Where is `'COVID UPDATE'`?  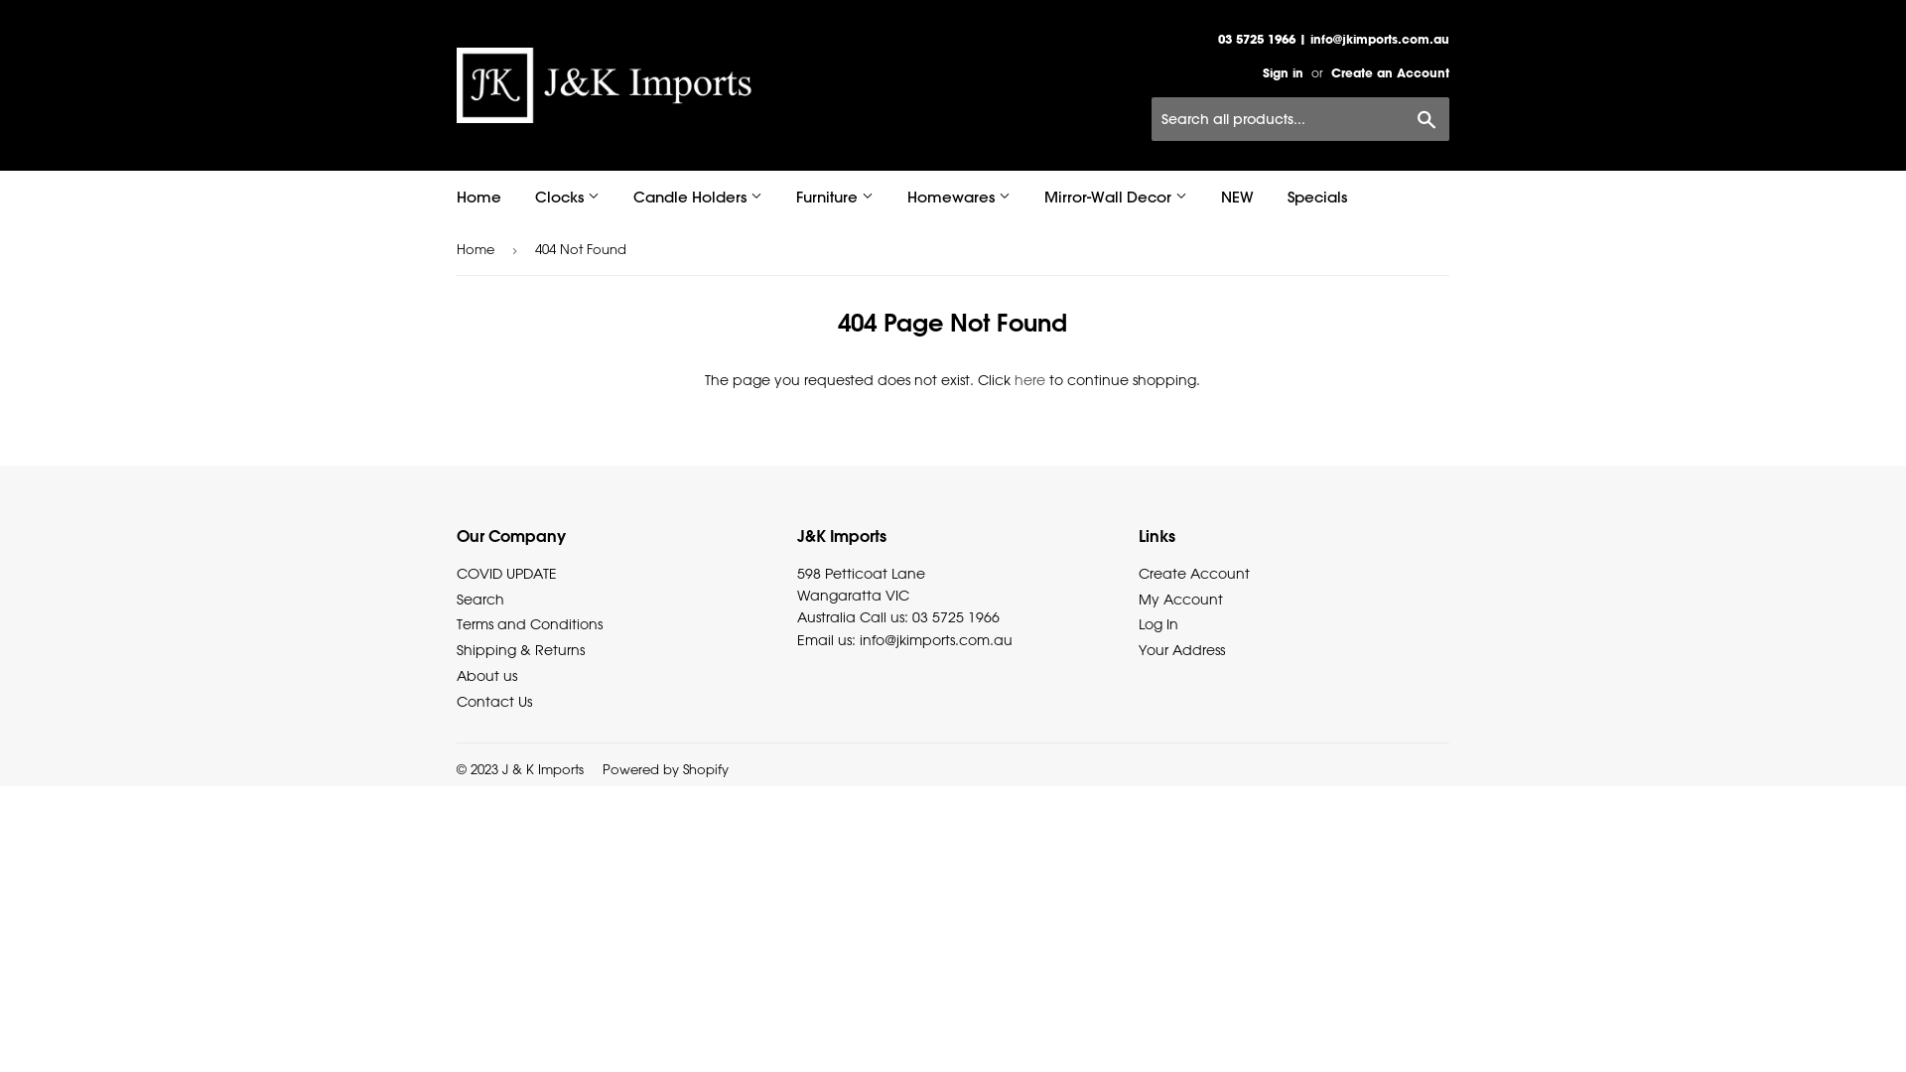
'COVID UPDATE' is located at coordinates (456, 573).